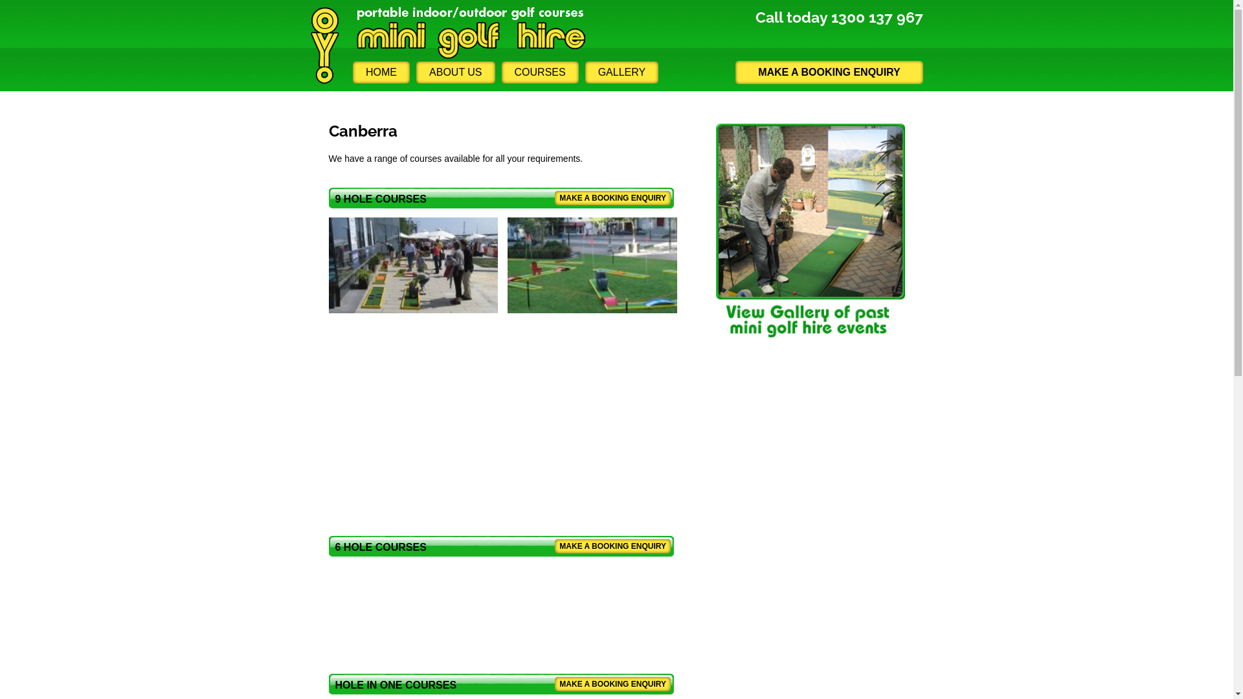 This screenshot has width=1243, height=699. I want to click on 'ABOUT US', so click(456, 72).